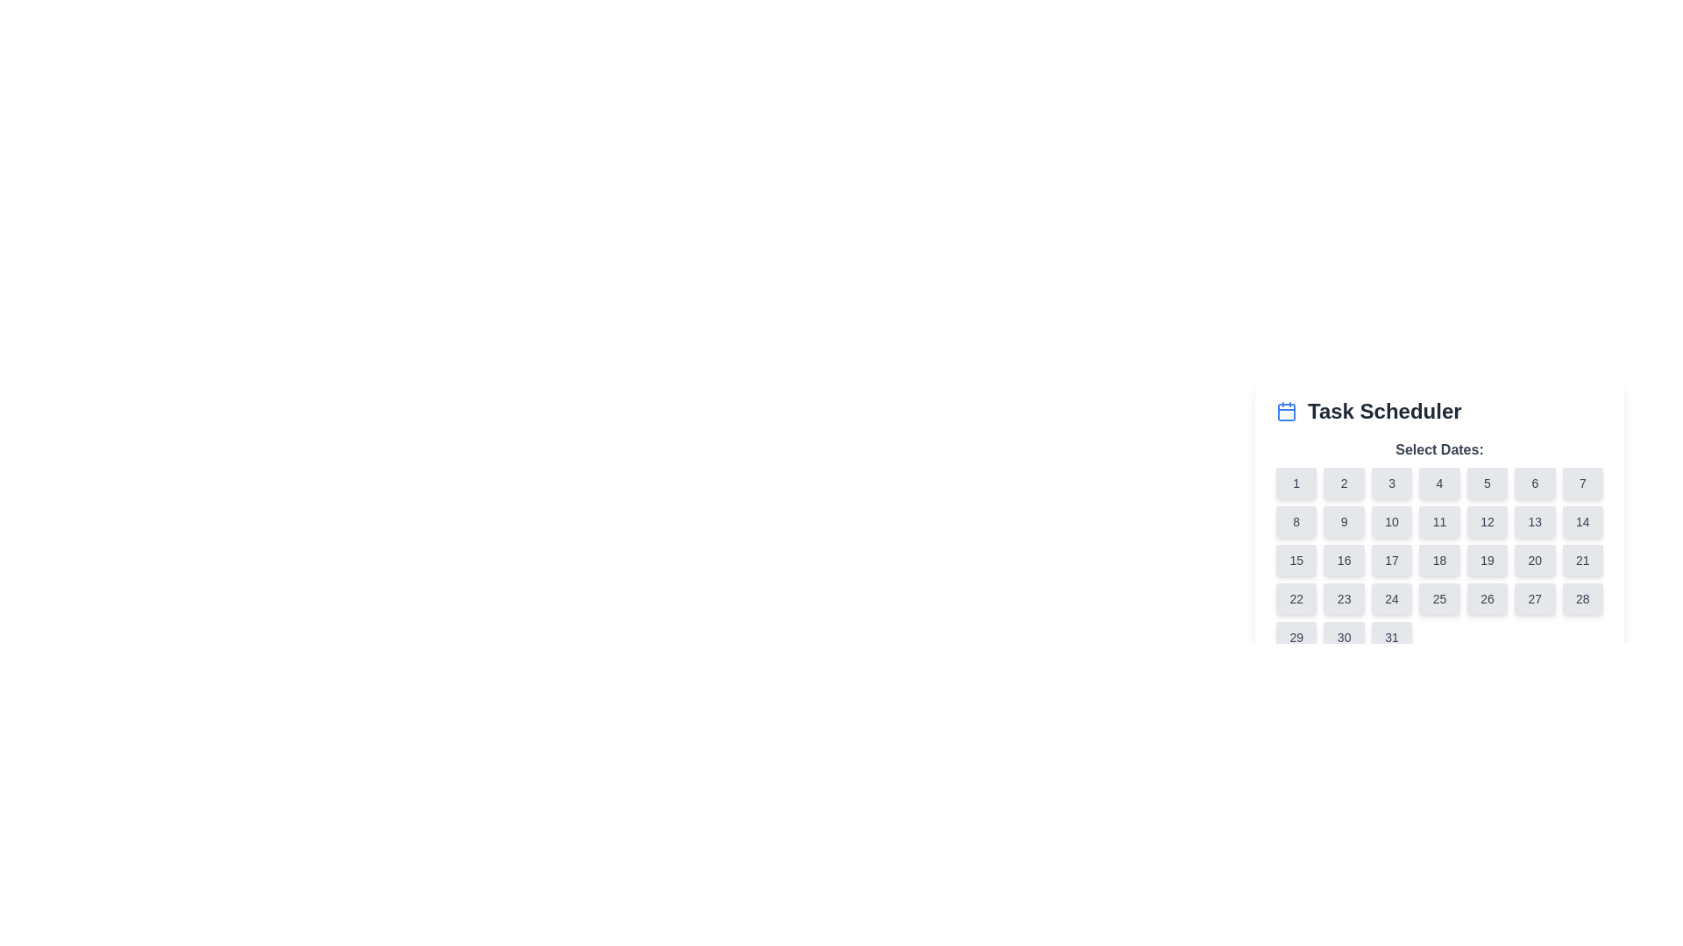 This screenshot has height=946, width=1683. Describe the element at coordinates (1486, 561) in the screenshot. I see `the button representing the date '19' on the calendar located in the third row and fifth column` at that location.